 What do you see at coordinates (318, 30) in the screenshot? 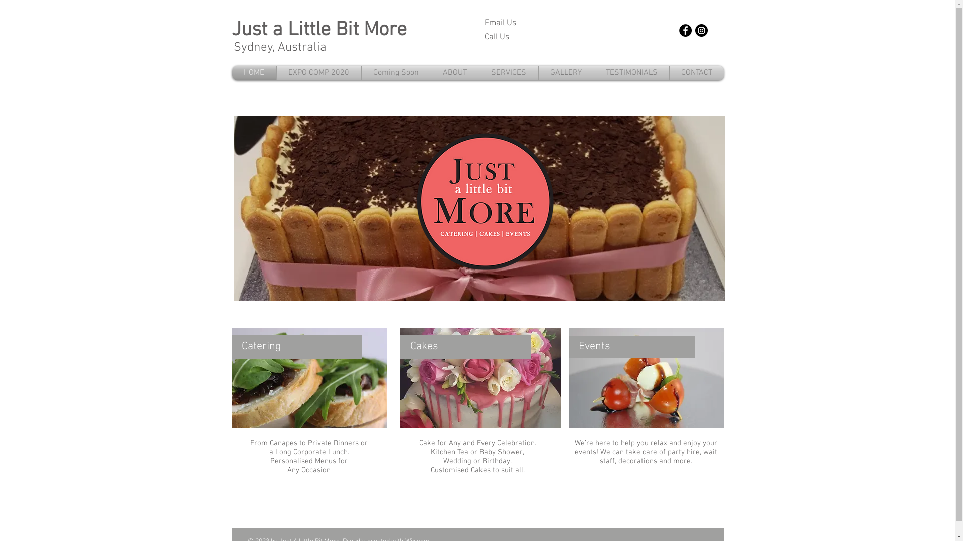
I see `'Just a Little Bit More'` at bounding box center [318, 30].